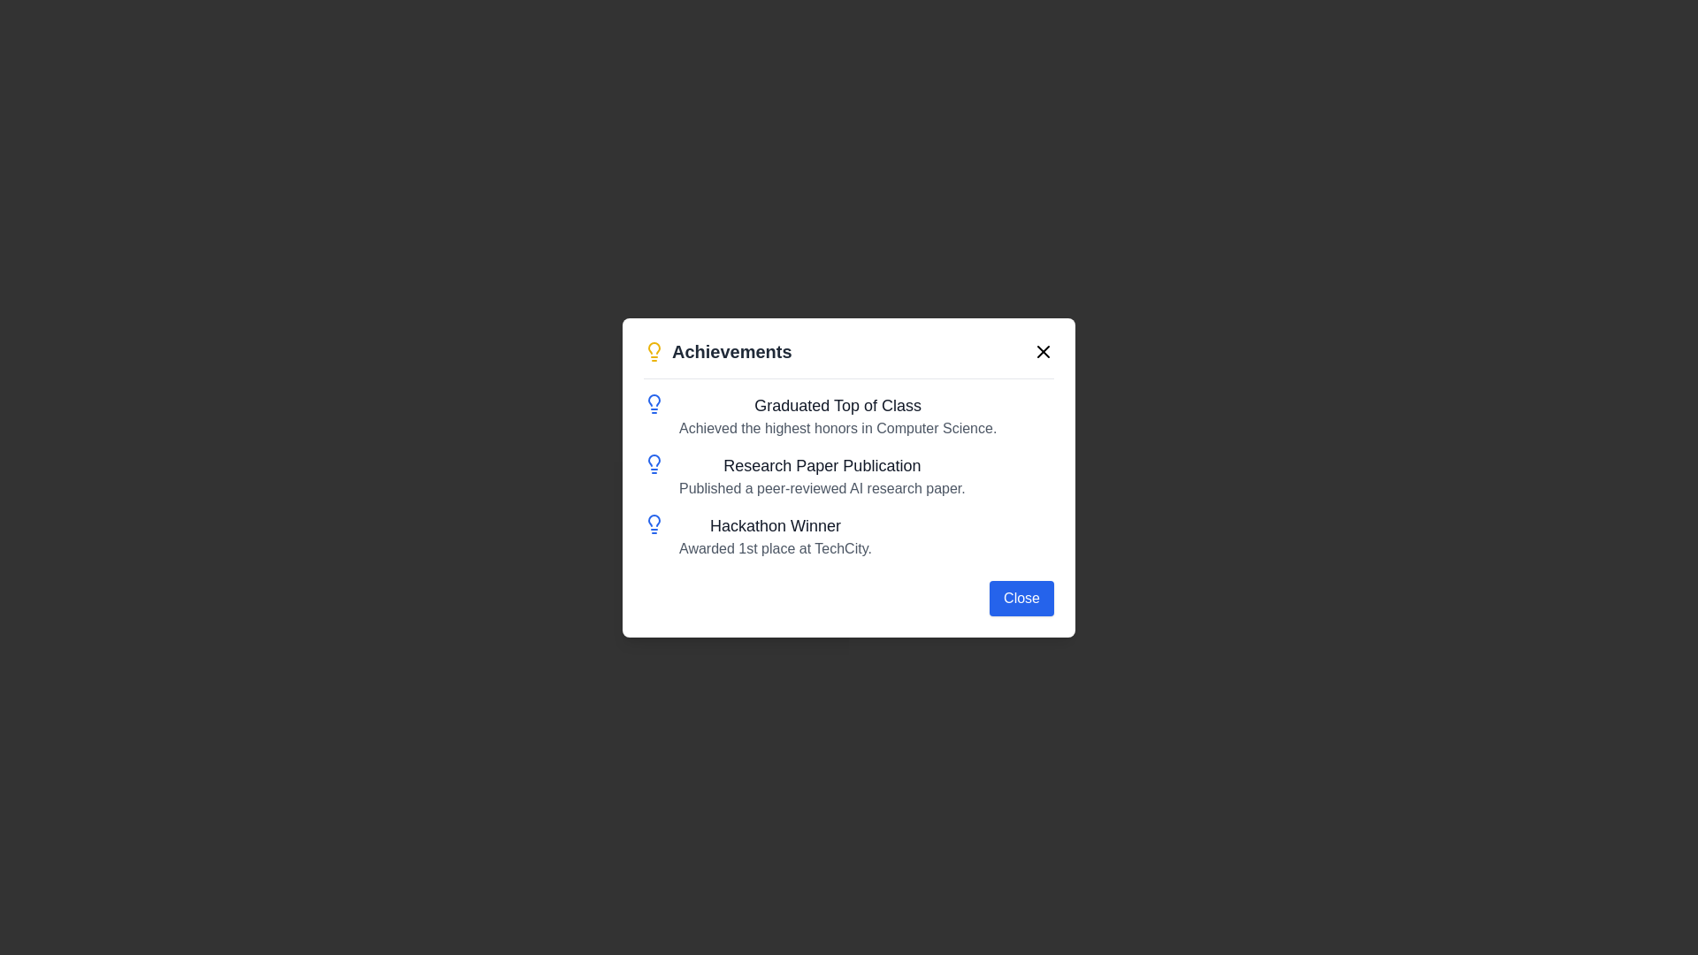 This screenshot has height=955, width=1698. Describe the element at coordinates (849, 416) in the screenshot. I see `the 'Graduated Top of Class' achievement detail in the Information Display Block` at that location.